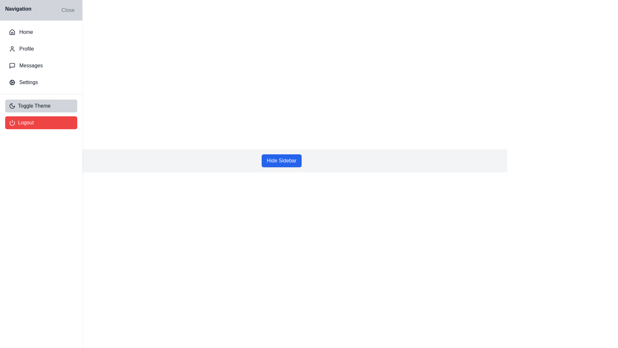 The image size is (618, 348). I want to click on the 'Home' icon located at the top-left corner of the sidebar menu, which serves as a visual identifier for the 'Home' functionality, so click(12, 32).